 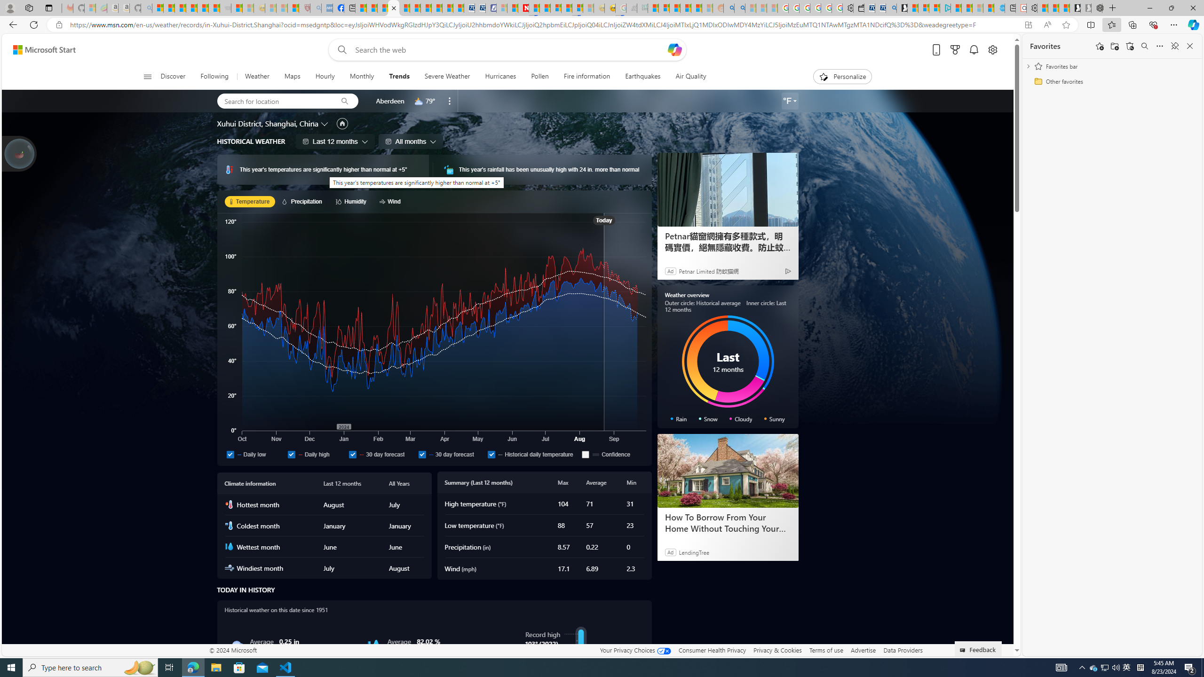 I want to click on 'Trends', so click(x=398, y=76).